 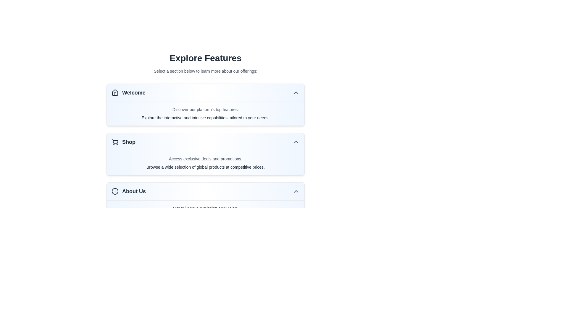 I want to click on the chevron icon located in the upper-right corner of the 'About Us' section, so click(x=296, y=191).